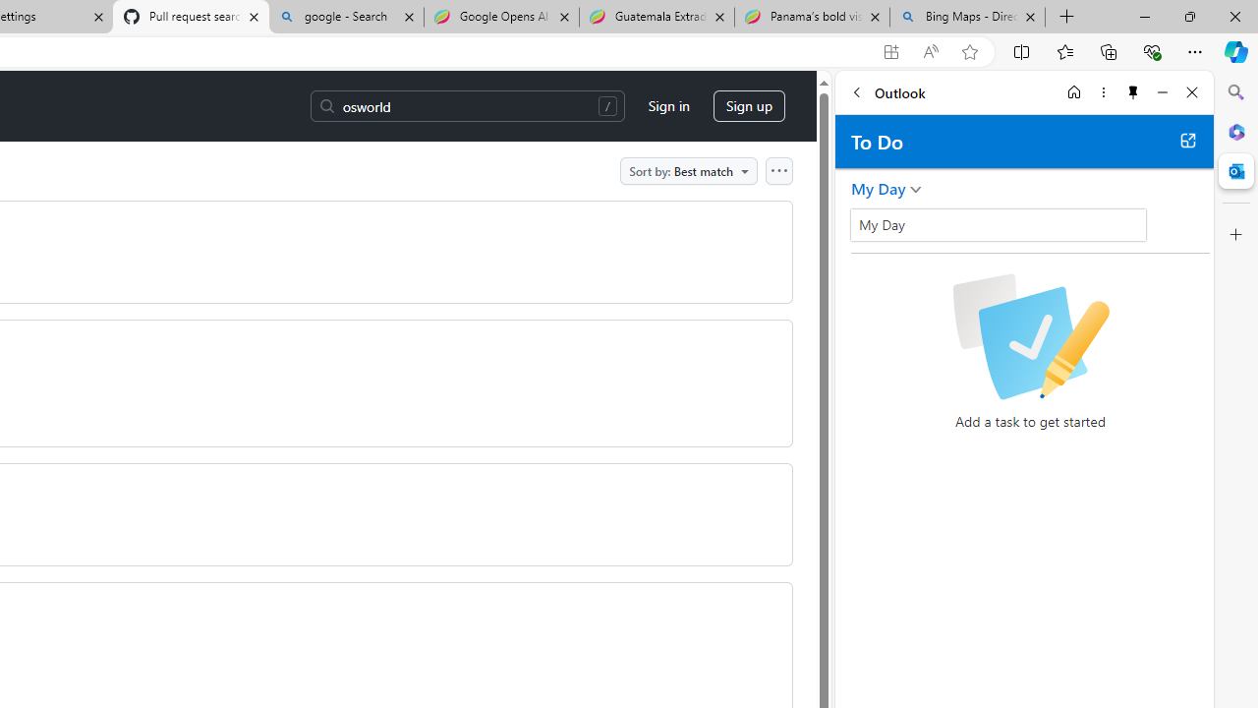 The height and width of the screenshot is (708, 1258). What do you see at coordinates (777, 169) in the screenshot?
I see `'Open column options'` at bounding box center [777, 169].